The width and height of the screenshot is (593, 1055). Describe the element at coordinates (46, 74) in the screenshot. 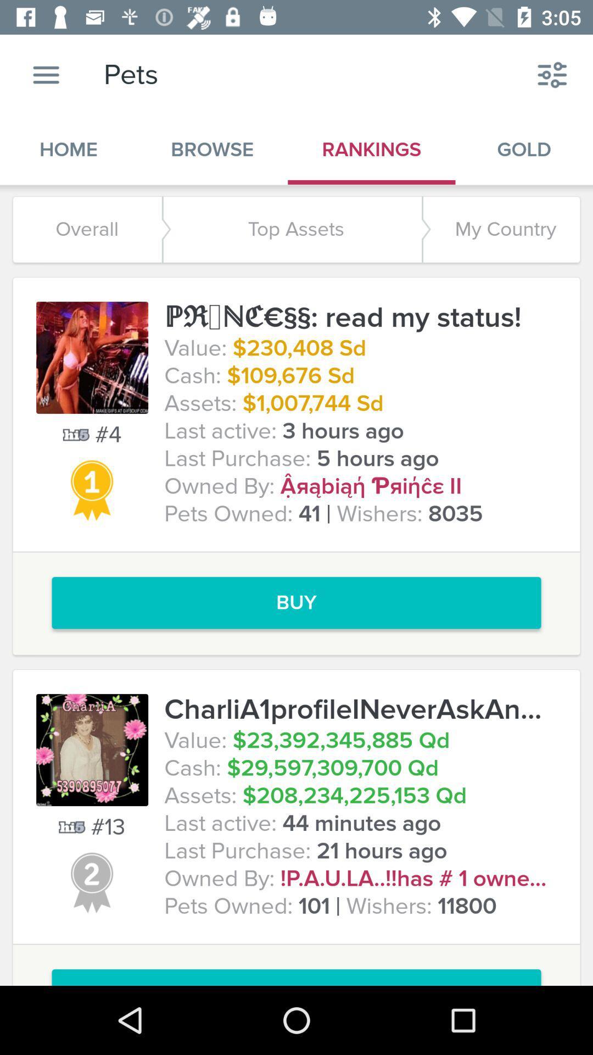

I see `the app to the left of pets item` at that location.